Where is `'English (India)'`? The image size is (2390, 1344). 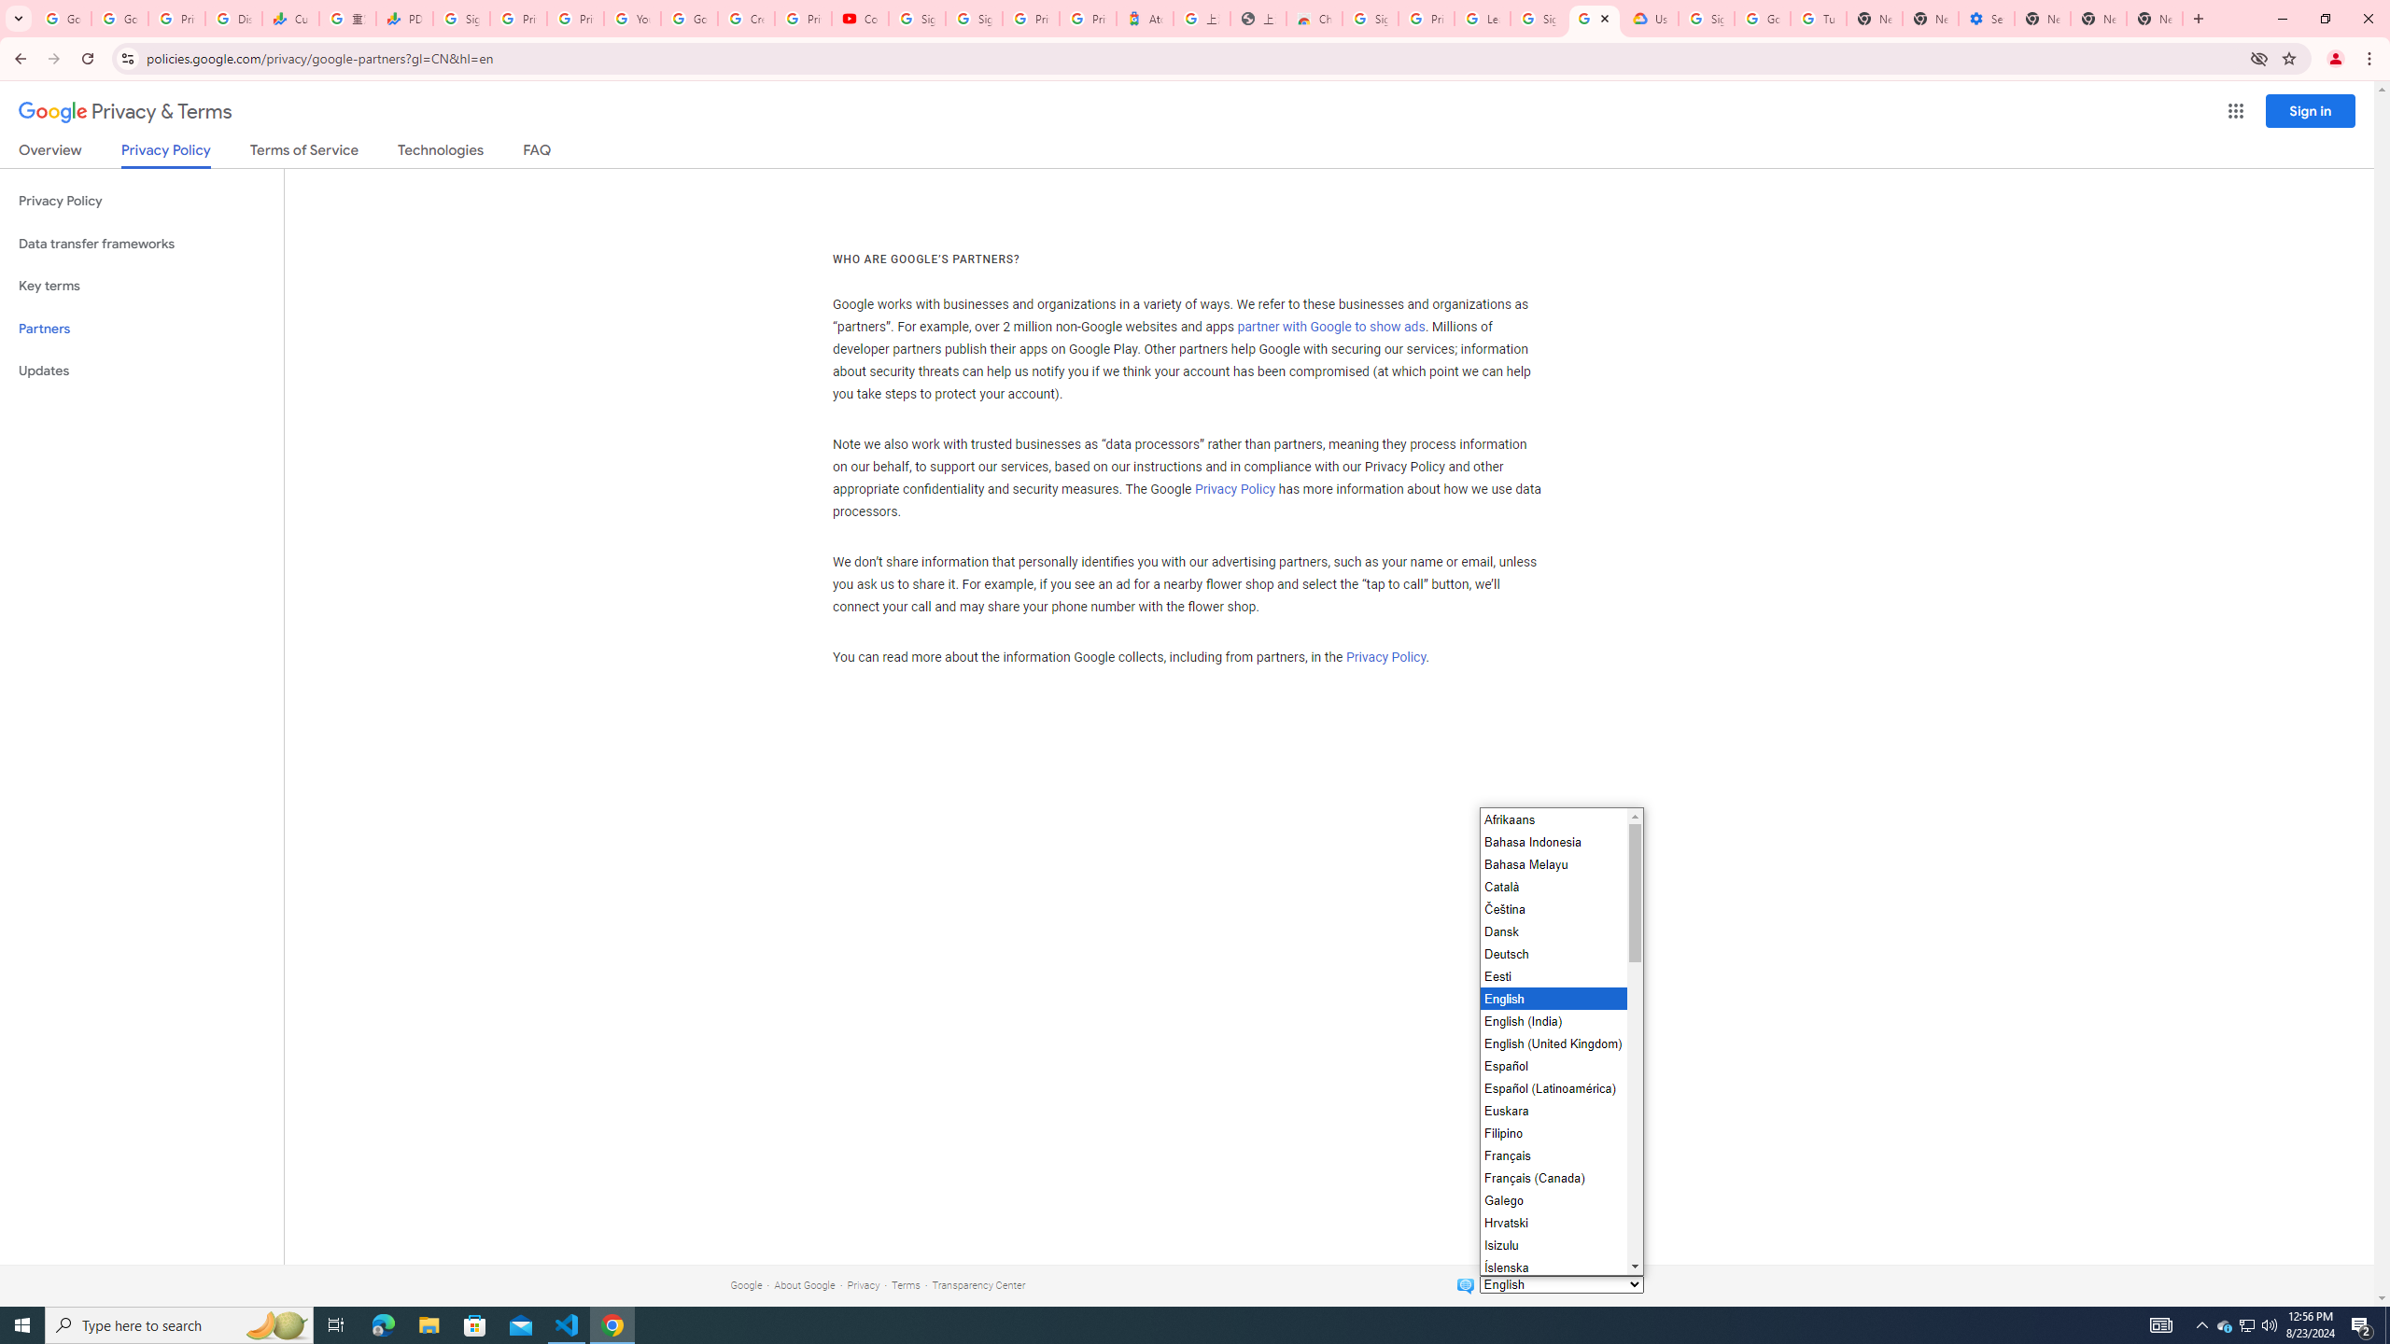
'English (India)' is located at coordinates (1552, 1019).